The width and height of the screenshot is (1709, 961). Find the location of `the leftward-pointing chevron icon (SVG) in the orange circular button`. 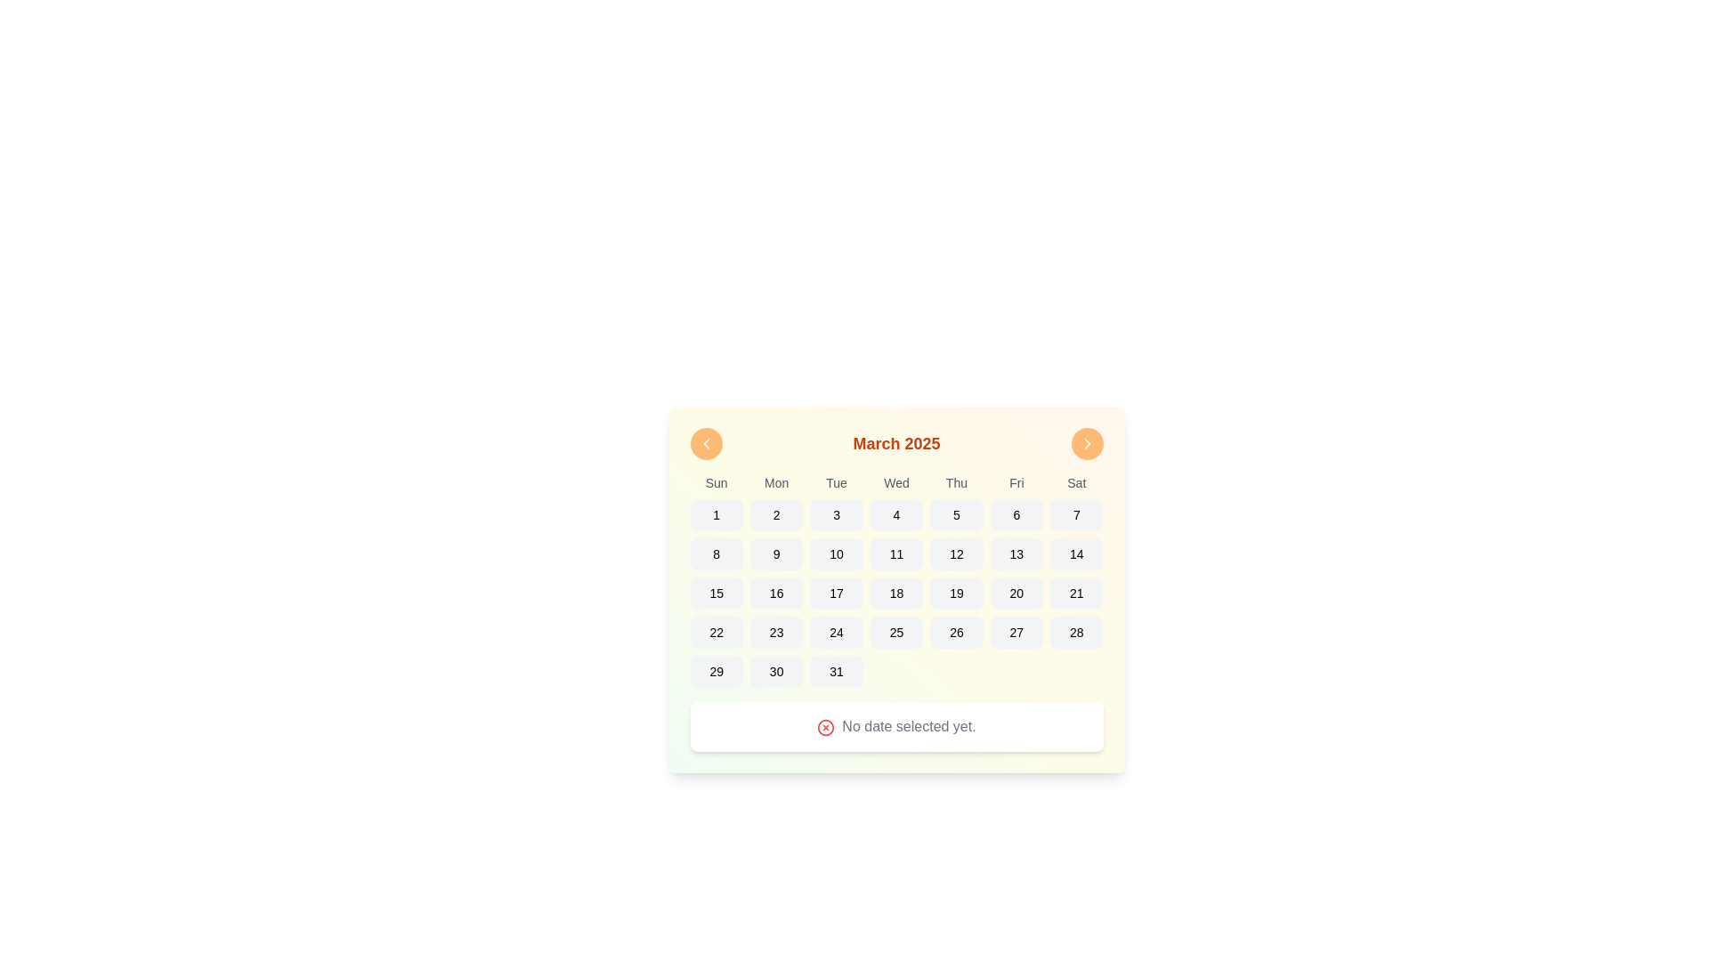

the leftward-pointing chevron icon (SVG) in the orange circular button is located at coordinates (705, 442).